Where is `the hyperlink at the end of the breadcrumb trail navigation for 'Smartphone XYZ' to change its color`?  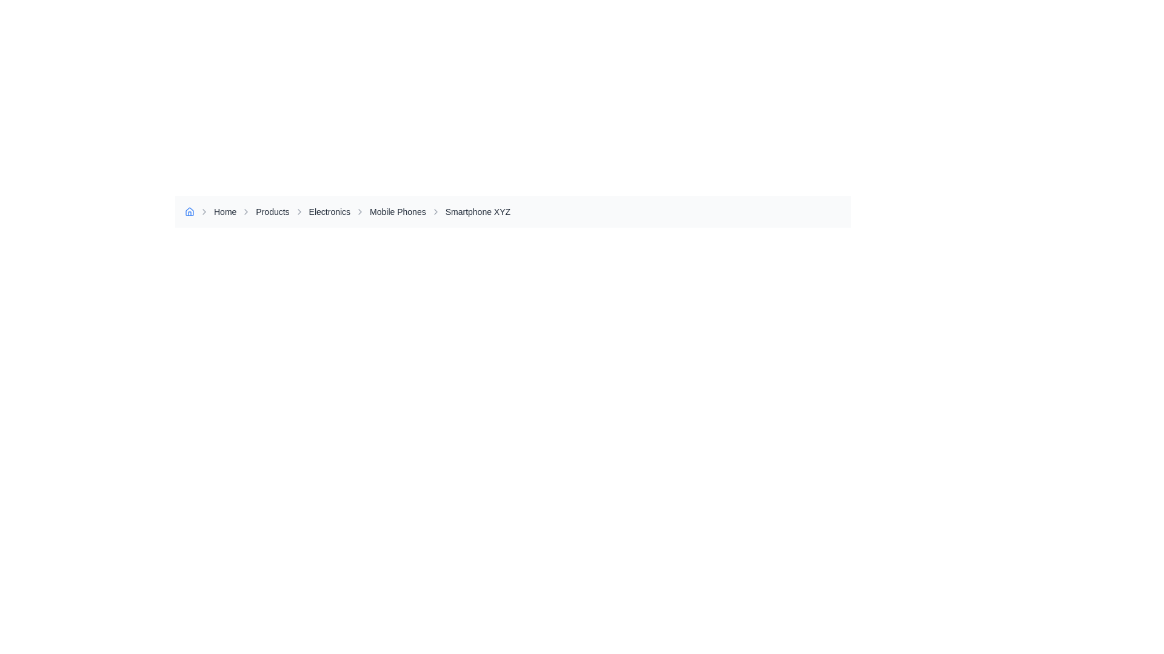 the hyperlink at the end of the breadcrumb trail navigation for 'Smartphone XYZ' to change its color is located at coordinates (477, 211).